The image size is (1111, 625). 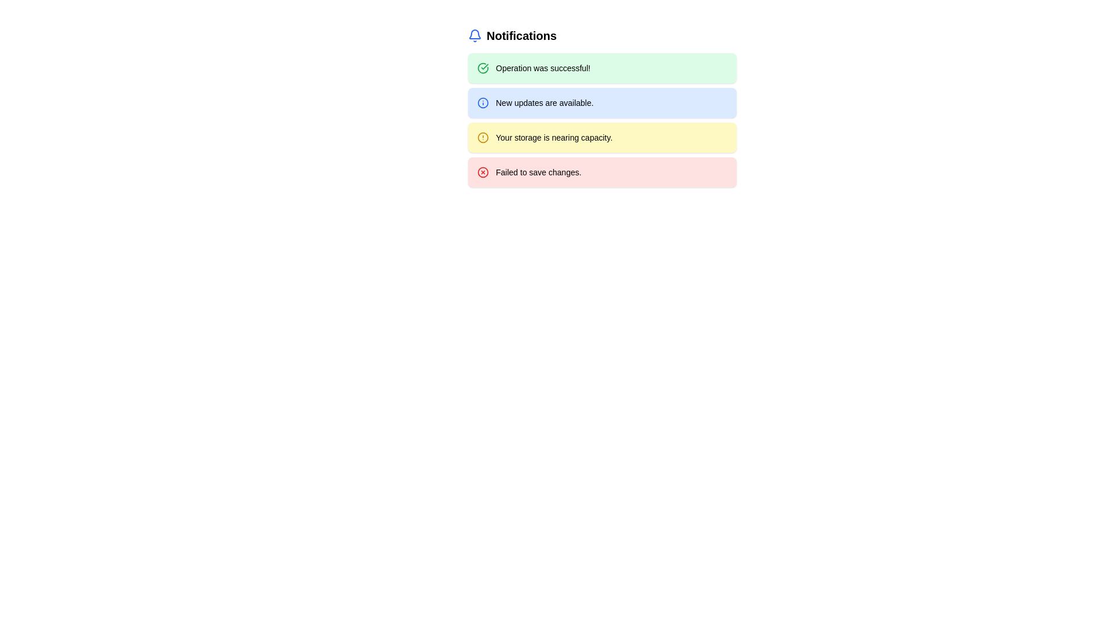 I want to click on error message displayed in the static text label located at the bottom-most notification card with a red background, positioned to the right of the error icon, so click(x=538, y=172).